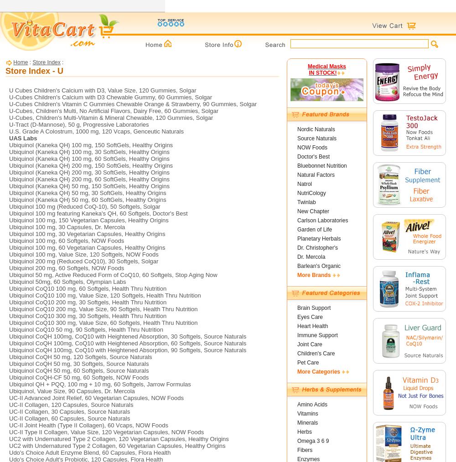 This screenshot has width=456, height=462. Describe the element at coordinates (297, 156) in the screenshot. I see `'Doctor's Best'` at that location.